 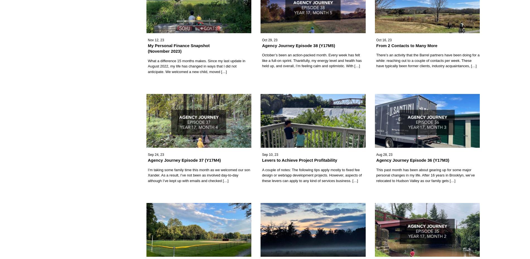 I want to click on 'My Personal Finance Snapshot (November 2023)', so click(x=179, y=48).